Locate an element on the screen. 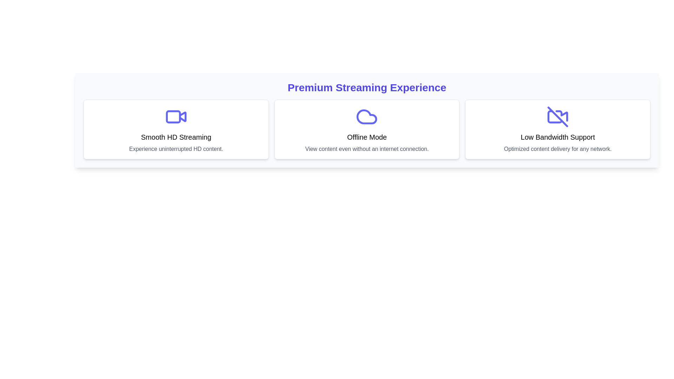  the static text element displaying 'Smooth HD Streaming', which is located within the first centered white card under a video icon in the Premium Streaming Experience section is located at coordinates (176, 137).